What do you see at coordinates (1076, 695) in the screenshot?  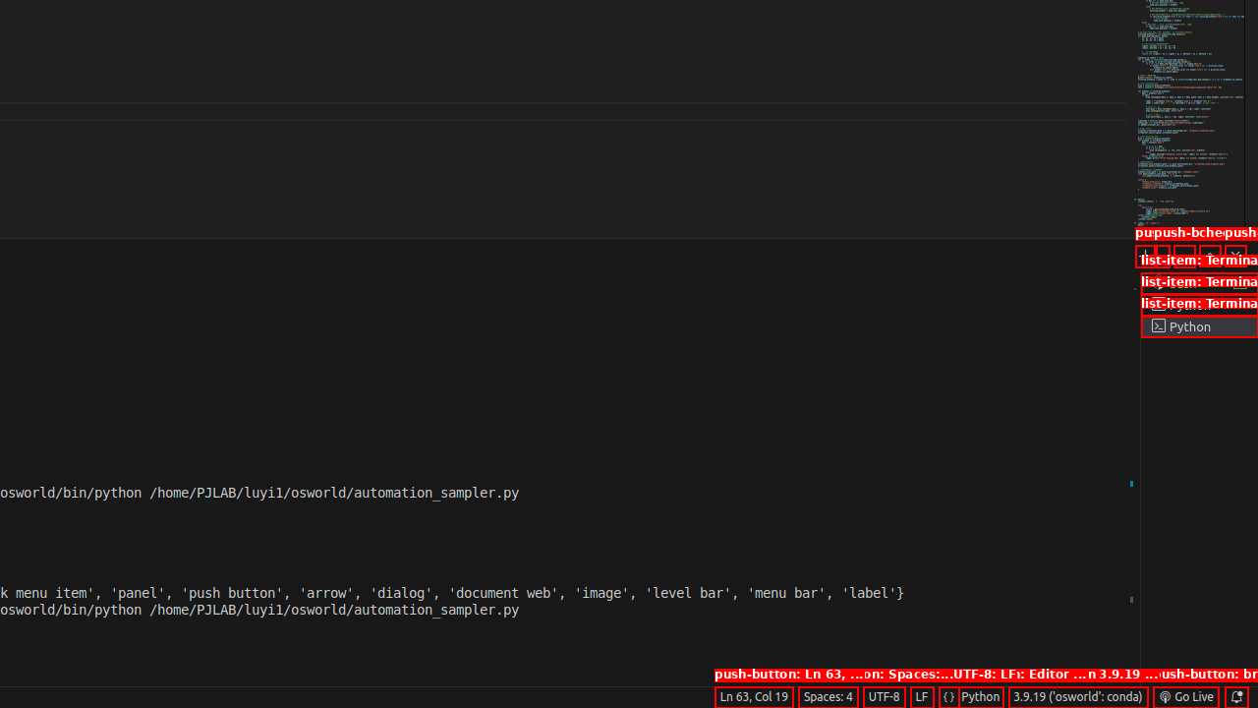 I see `'3.9.19 ('` at bounding box center [1076, 695].